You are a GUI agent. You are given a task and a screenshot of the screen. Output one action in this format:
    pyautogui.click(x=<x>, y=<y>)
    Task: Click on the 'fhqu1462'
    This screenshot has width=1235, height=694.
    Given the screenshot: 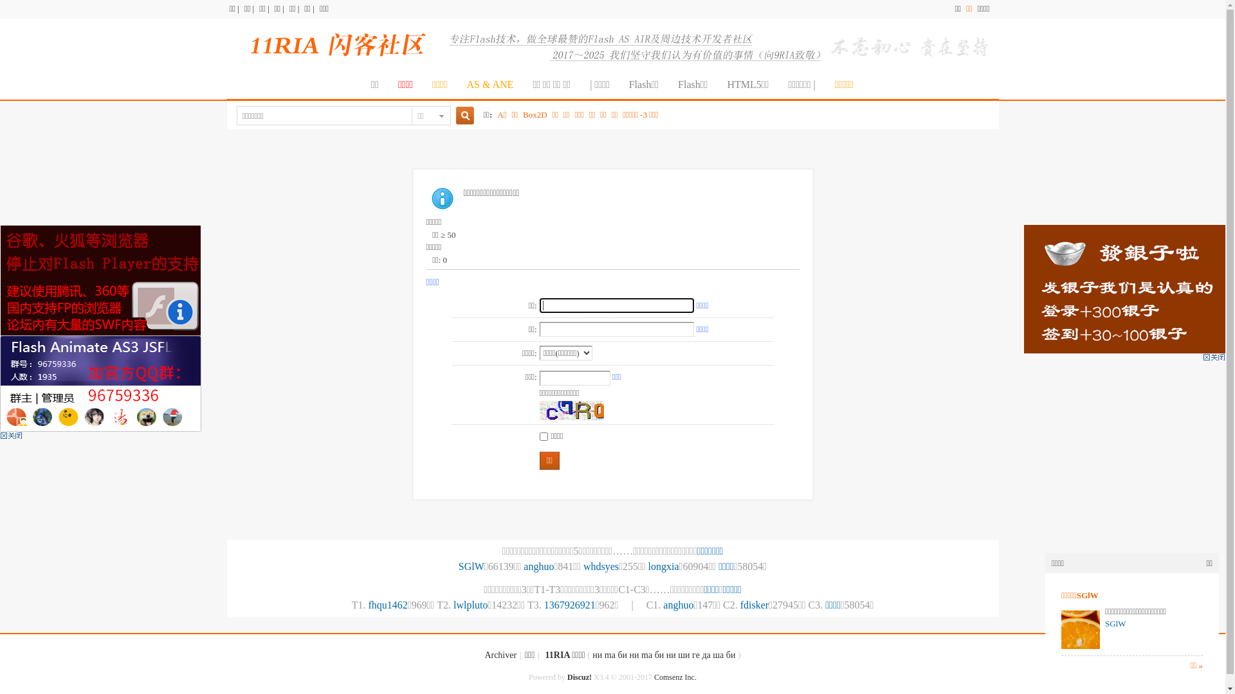 What is the action you would take?
    pyautogui.click(x=387, y=605)
    